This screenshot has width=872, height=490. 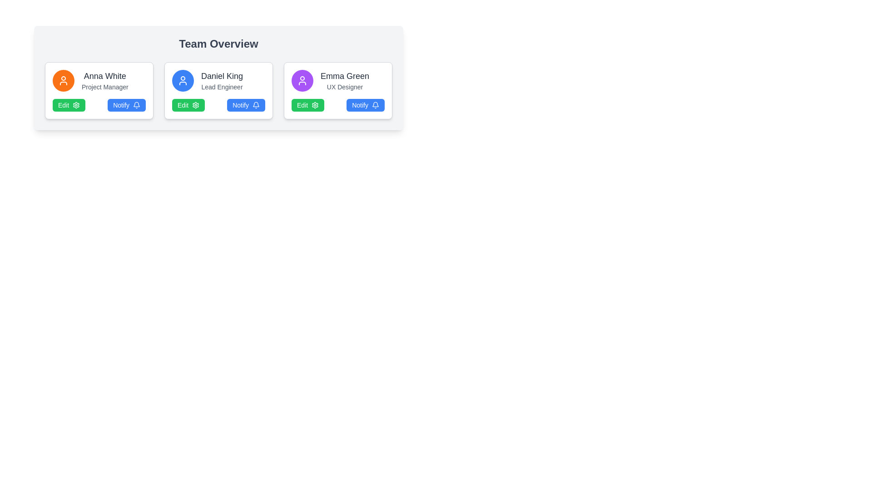 What do you see at coordinates (63, 80) in the screenshot?
I see `the user icon representing 'Anna White, Project Manager' in the first profile card` at bounding box center [63, 80].